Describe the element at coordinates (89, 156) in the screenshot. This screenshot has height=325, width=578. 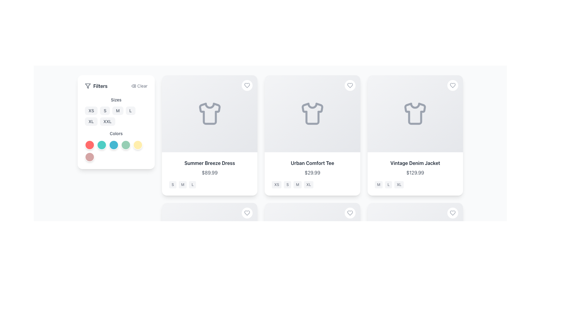
I see `the sixth button in the 'Colors' filter section` at that location.